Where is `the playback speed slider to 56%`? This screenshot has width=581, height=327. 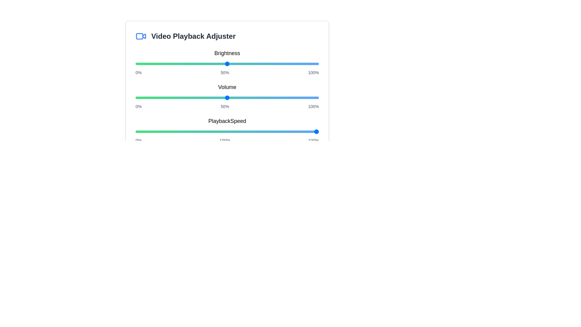 the playback speed slider to 56% is located at coordinates (238, 131).